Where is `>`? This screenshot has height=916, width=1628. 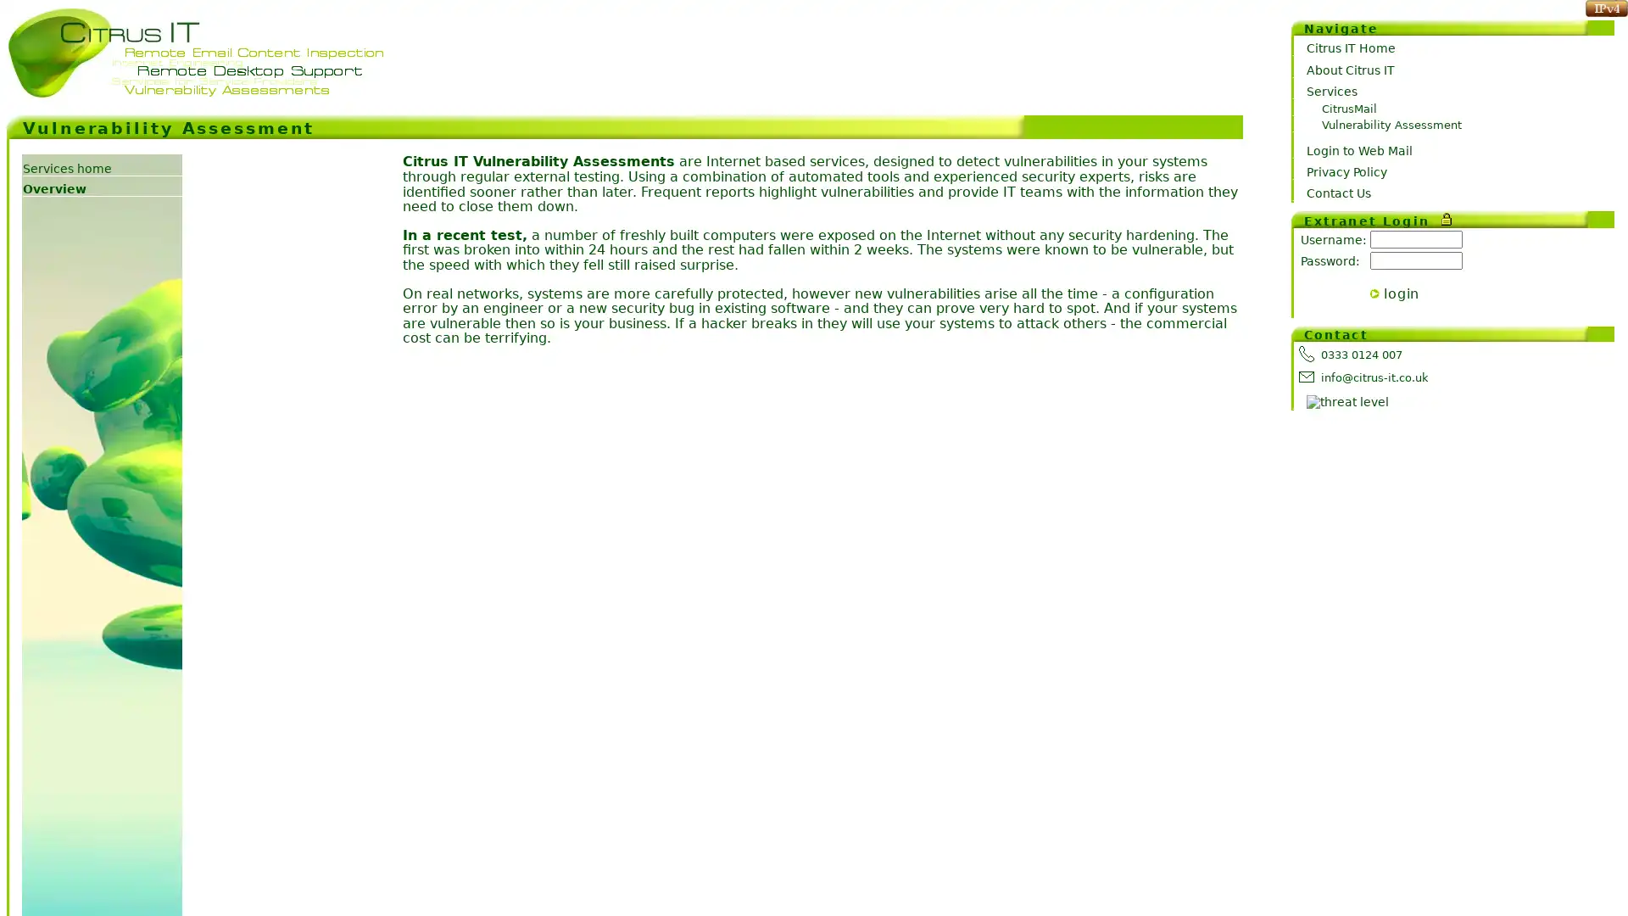
> is located at coordinates (1374, 293).